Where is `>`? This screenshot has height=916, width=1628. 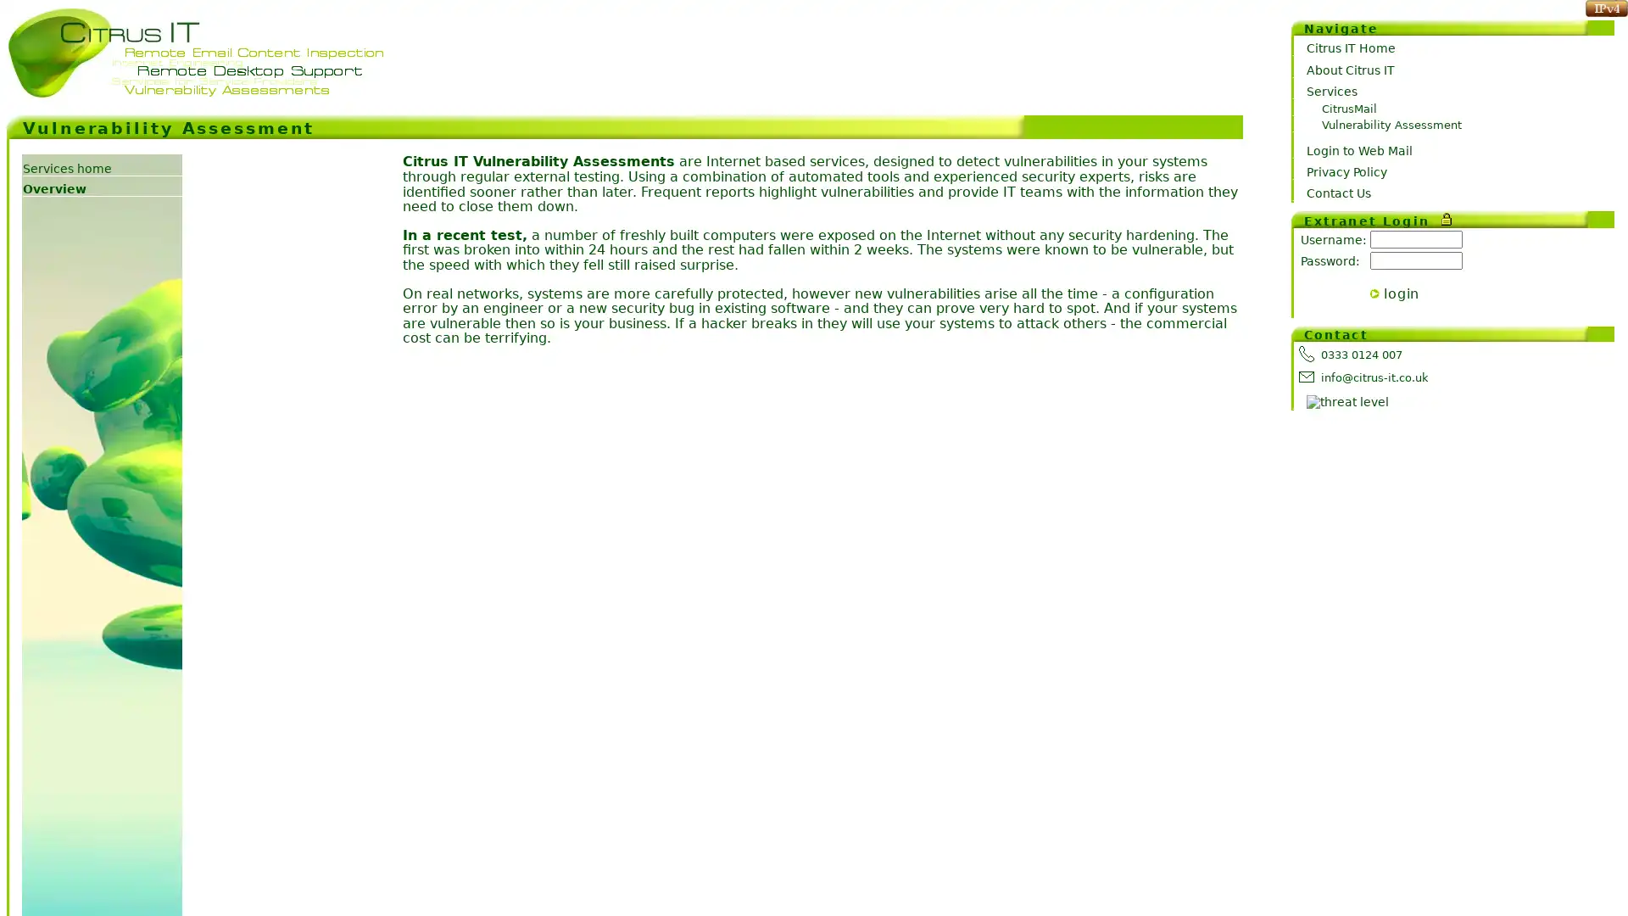
> is located at coordinates (1374, 293).